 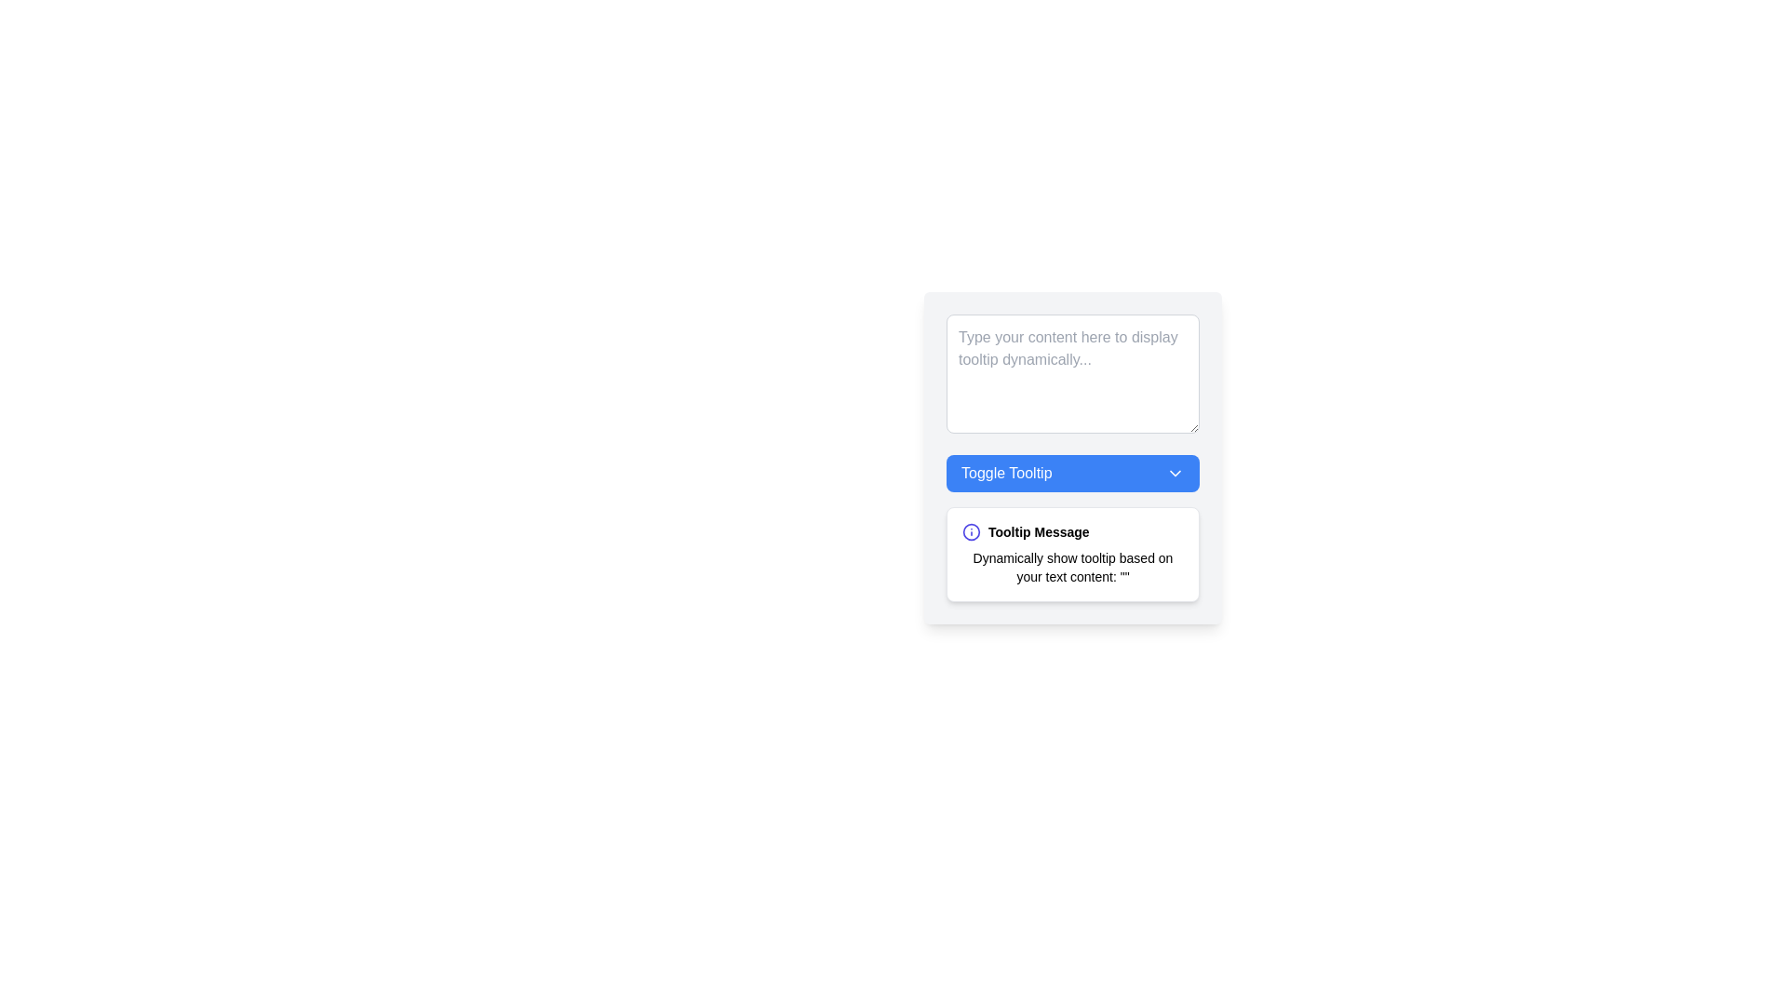 I want to click on the Text Input Area located at the top of the panel with a light gray background and rounded corners, so click(x=1072, y=373).